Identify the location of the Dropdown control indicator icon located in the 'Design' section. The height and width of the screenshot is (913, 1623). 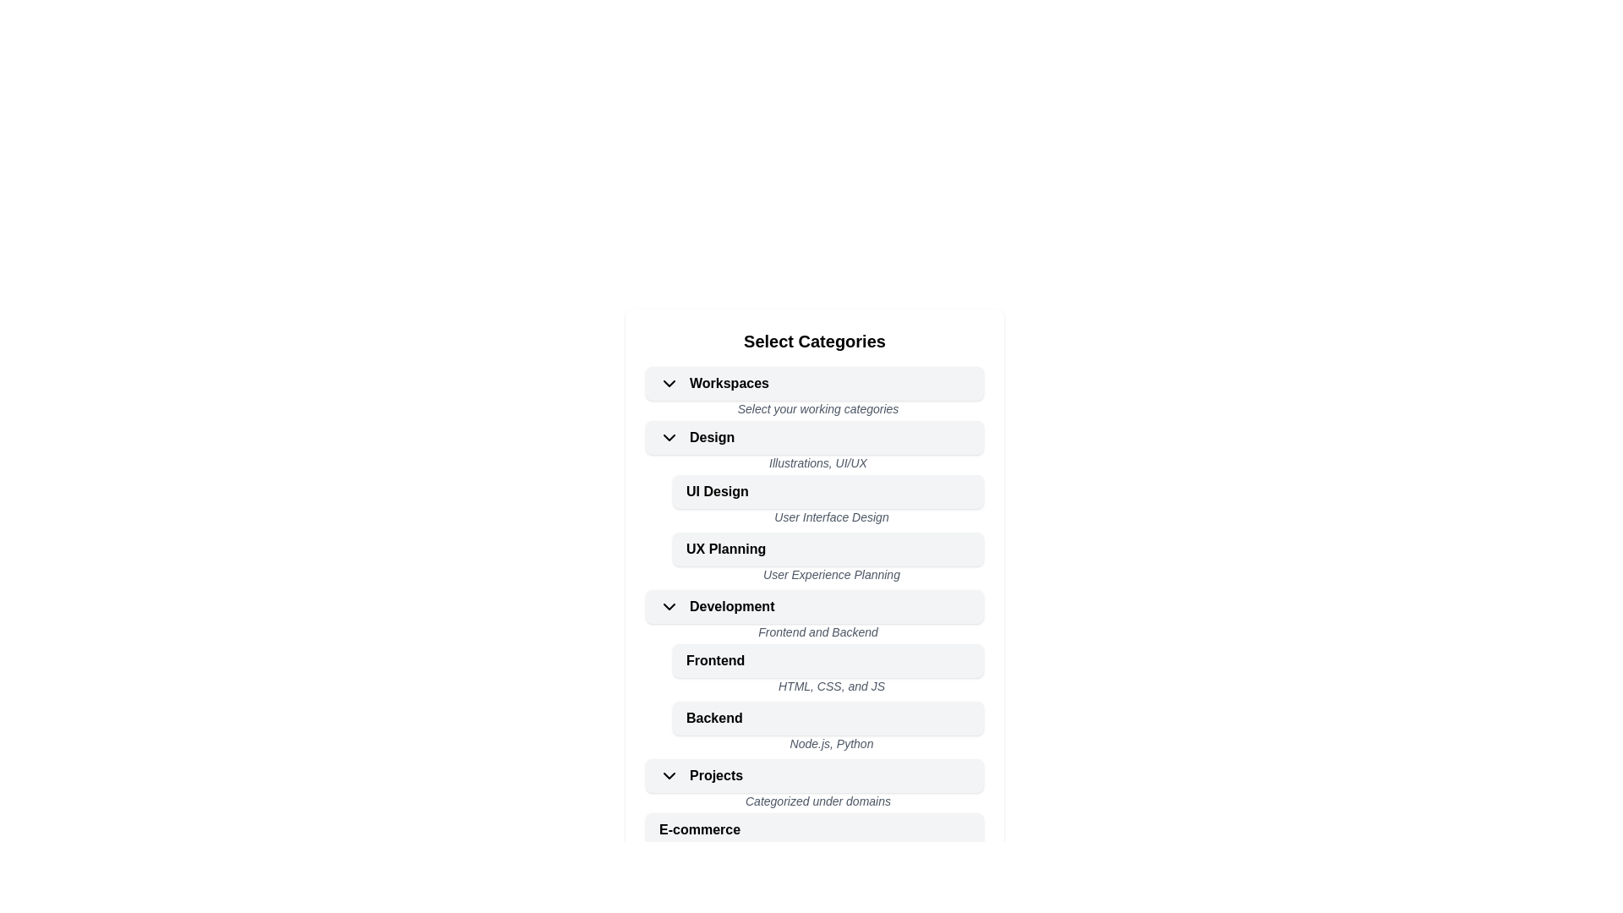
(669, 436).